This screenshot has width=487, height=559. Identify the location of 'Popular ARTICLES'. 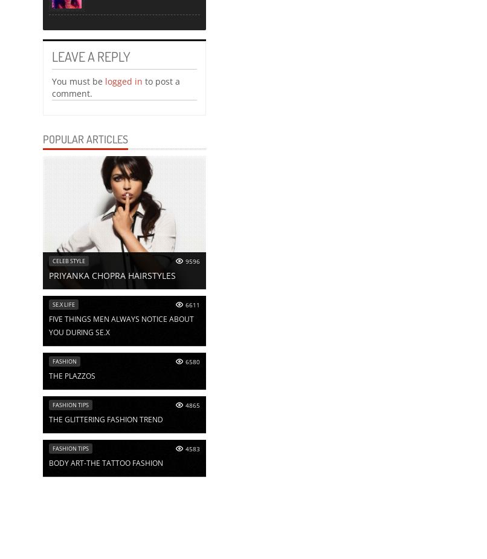
(85, 138).